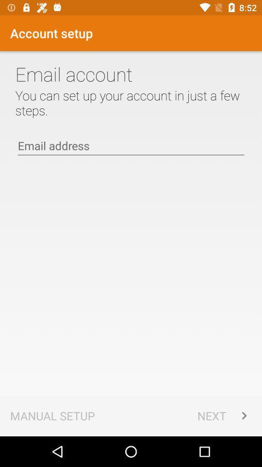  I want to click on the app next to next, so click(52, 415).